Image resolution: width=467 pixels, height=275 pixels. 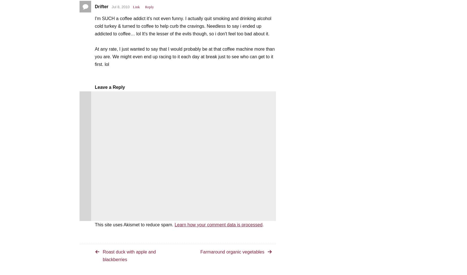 I want to click on 'At any rate, I just wanted to say that I would probably be at that coffee machine more than you are. We might even end up racing to it each day at break just to see who can get to it first. lol', so click(x=184, y=56).